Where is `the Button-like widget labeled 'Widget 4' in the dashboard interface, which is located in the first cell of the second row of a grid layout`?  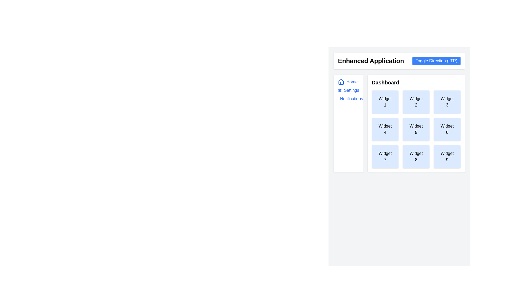 the Button-like widget labeled 'Widget 4' in the dashboard interface, which is located in the first cell of the second row of a grid layout is located at coordinates (385, 129).